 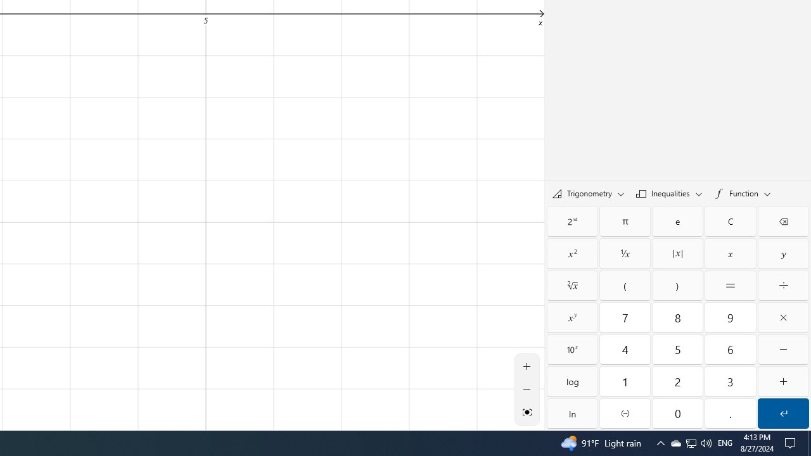 What do you see at coordinates (625, 317) in the screenshot?
I see `'Seven'` at bounding box center [625, 317].